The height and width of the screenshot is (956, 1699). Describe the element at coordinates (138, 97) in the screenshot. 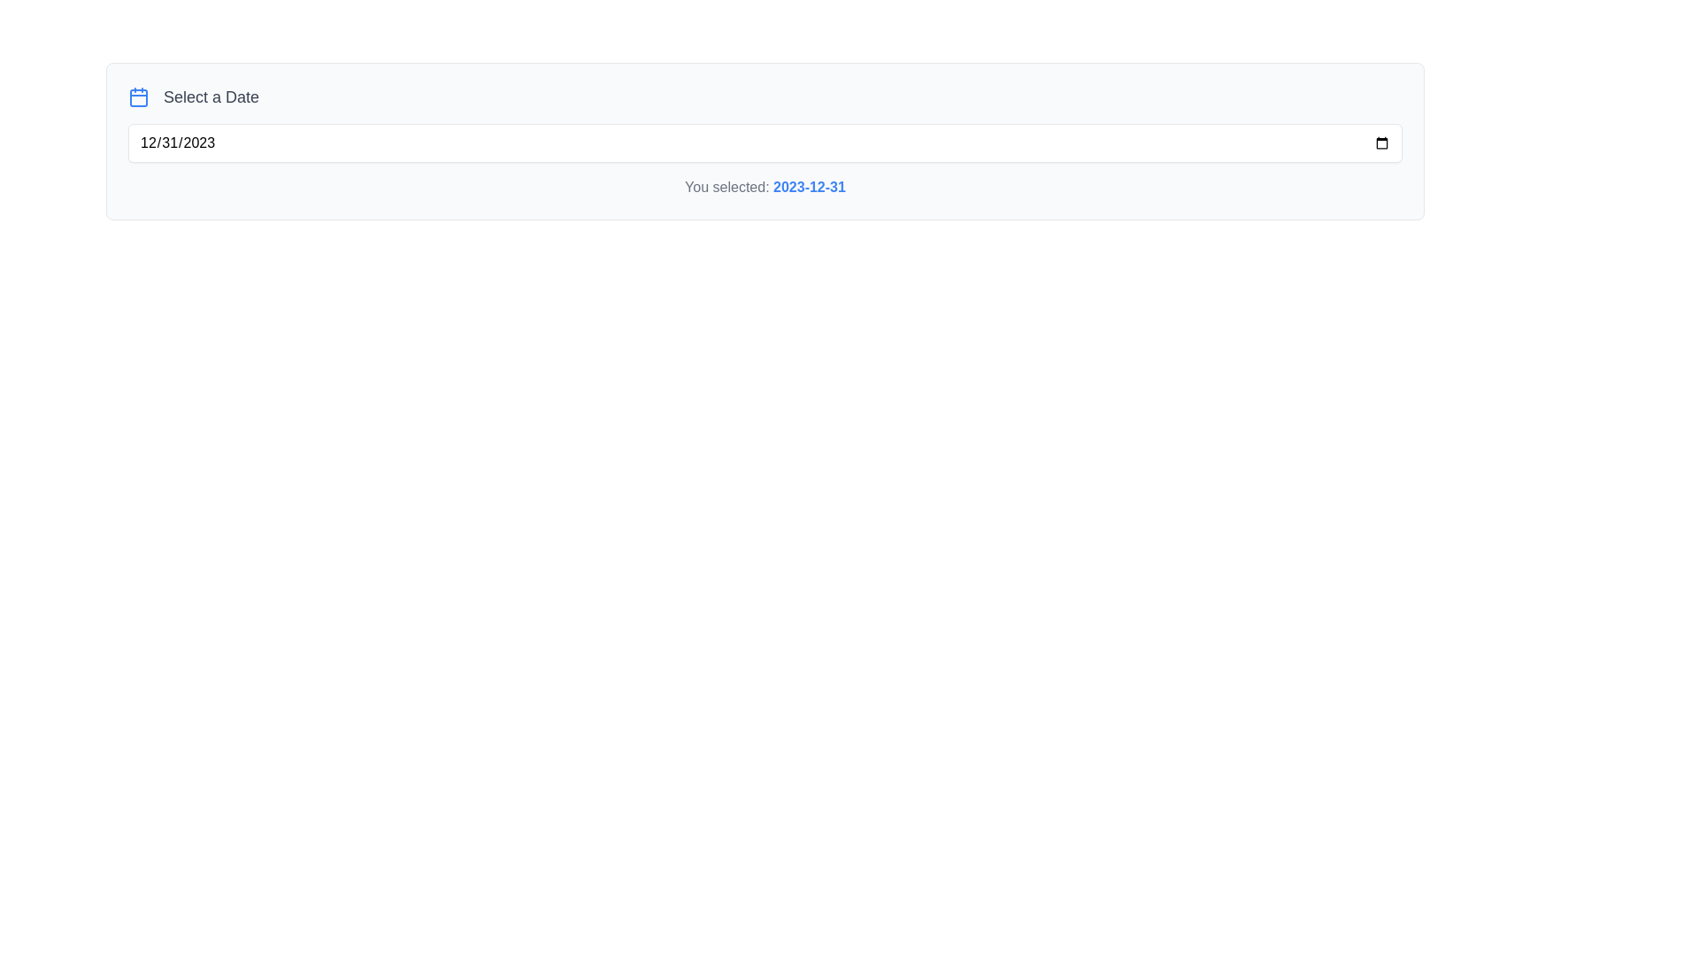

I see `the calendar icon with a blue outline located to the left of the 'Select a Date' text label by moving the cursor to its center` at that location.